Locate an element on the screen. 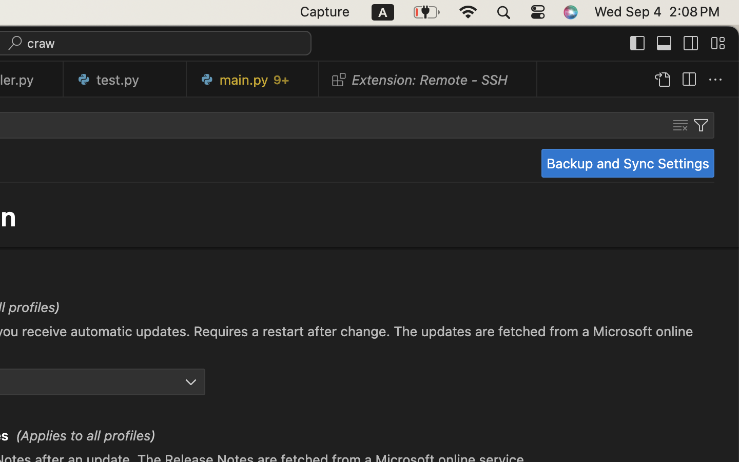  '' is located at coordinates (690, 42).